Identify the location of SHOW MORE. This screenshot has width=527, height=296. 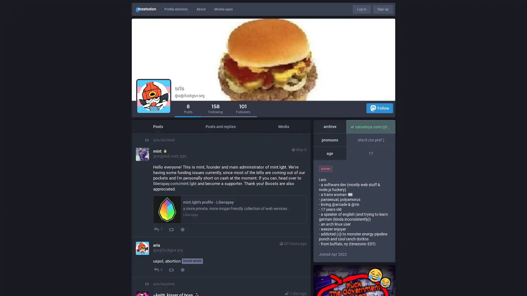
(192, 261).